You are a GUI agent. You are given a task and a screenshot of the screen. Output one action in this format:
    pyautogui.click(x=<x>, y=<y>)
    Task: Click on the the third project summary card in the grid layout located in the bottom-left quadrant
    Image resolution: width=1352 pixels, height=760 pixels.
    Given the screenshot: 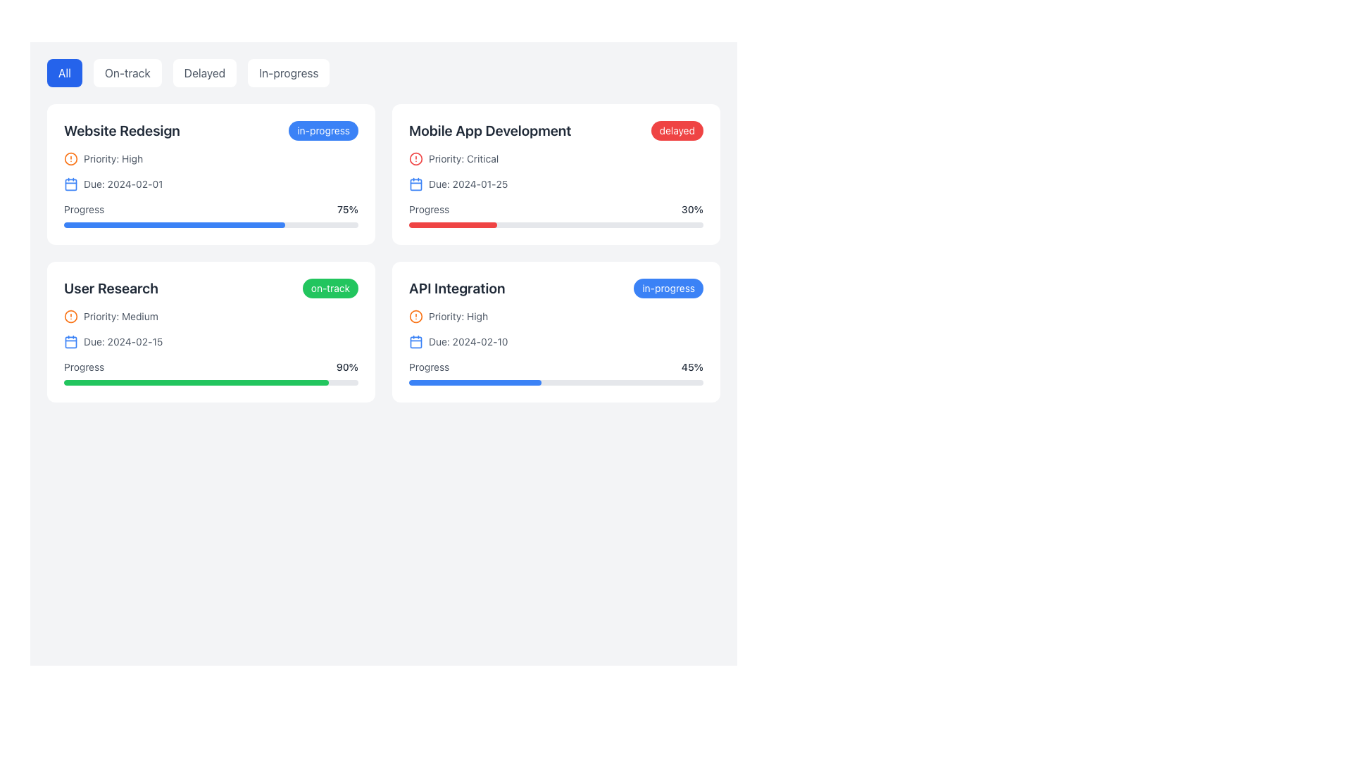 What is the action you would take?
    pyautogui.click(x=210, y=331)
    